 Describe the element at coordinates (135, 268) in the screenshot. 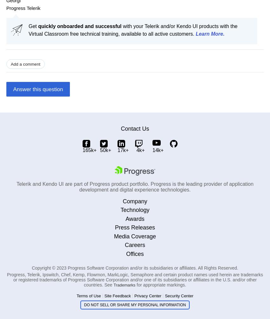

I see `'Copyright © 2023 Progress Software Corporation and/or its subsidiaries or affiliates. All Rights Reserved.'` at that location.